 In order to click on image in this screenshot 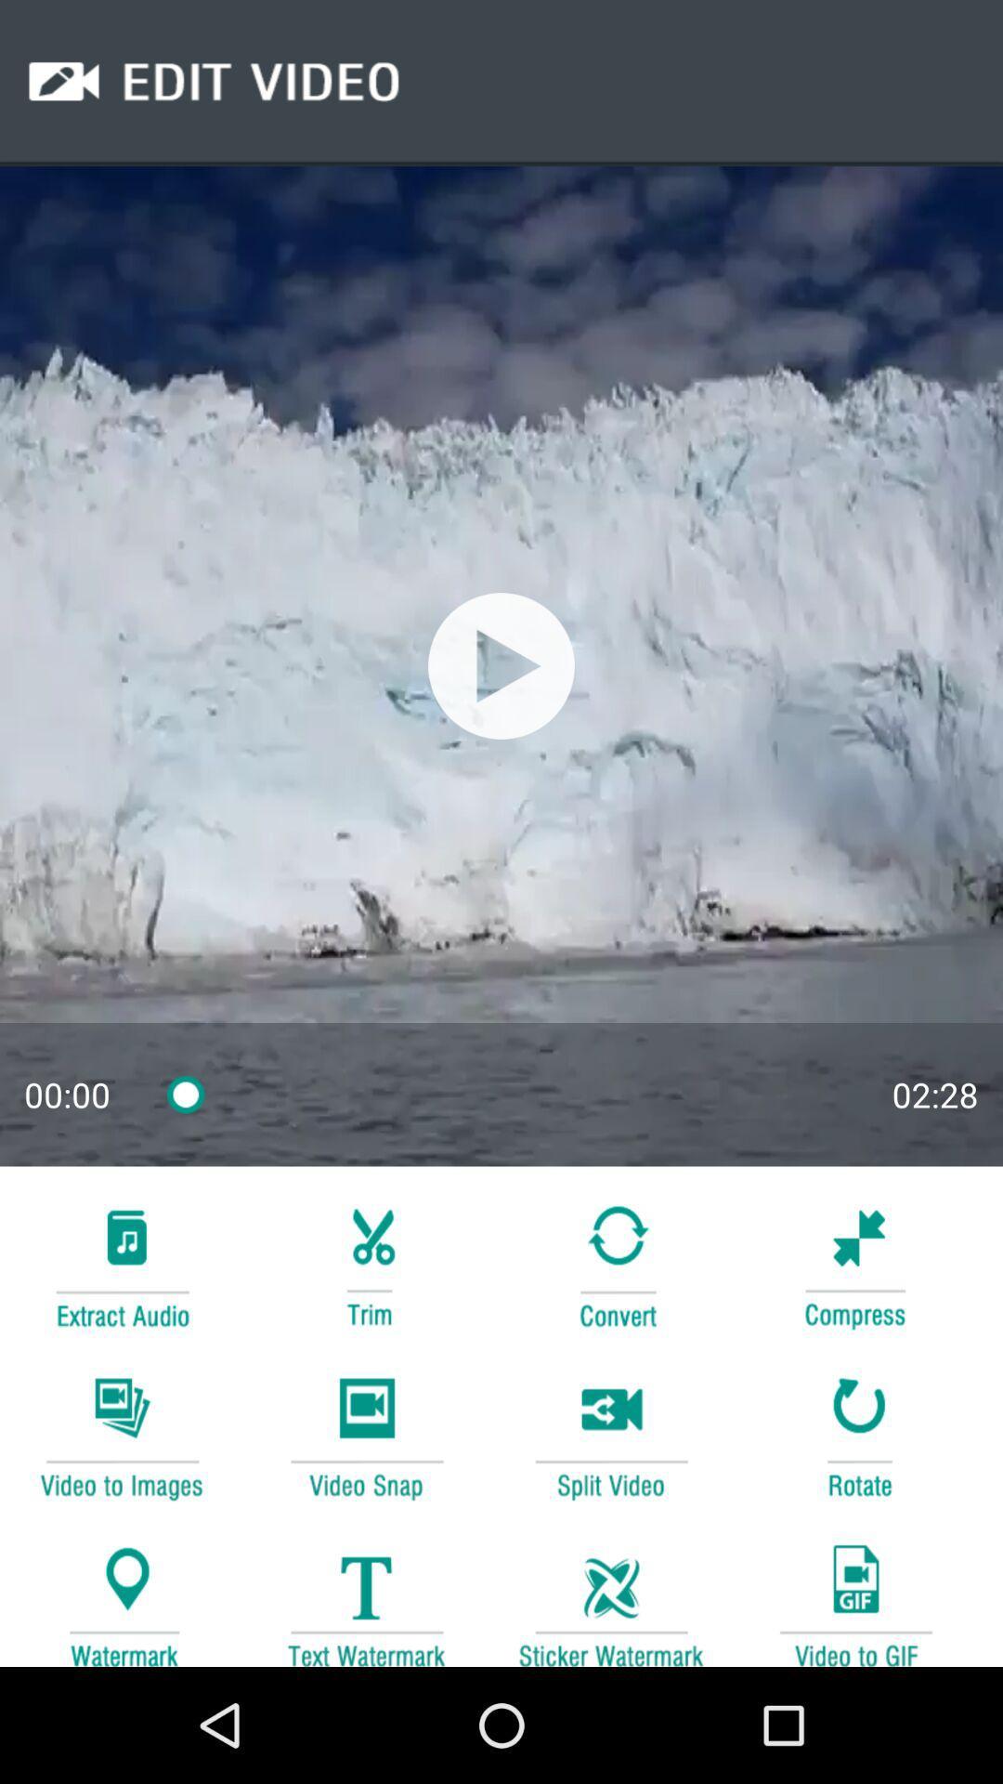, I will do `click(611, 1595)`.